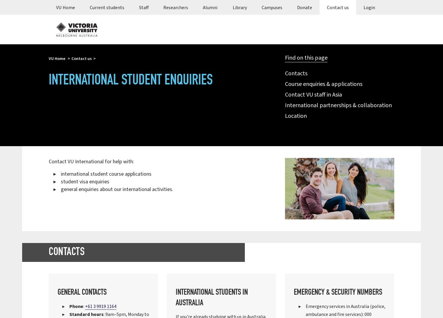  Describe the element at coordinates (106, 174) in the screenshot. I see `'international student course applications'` at that location.